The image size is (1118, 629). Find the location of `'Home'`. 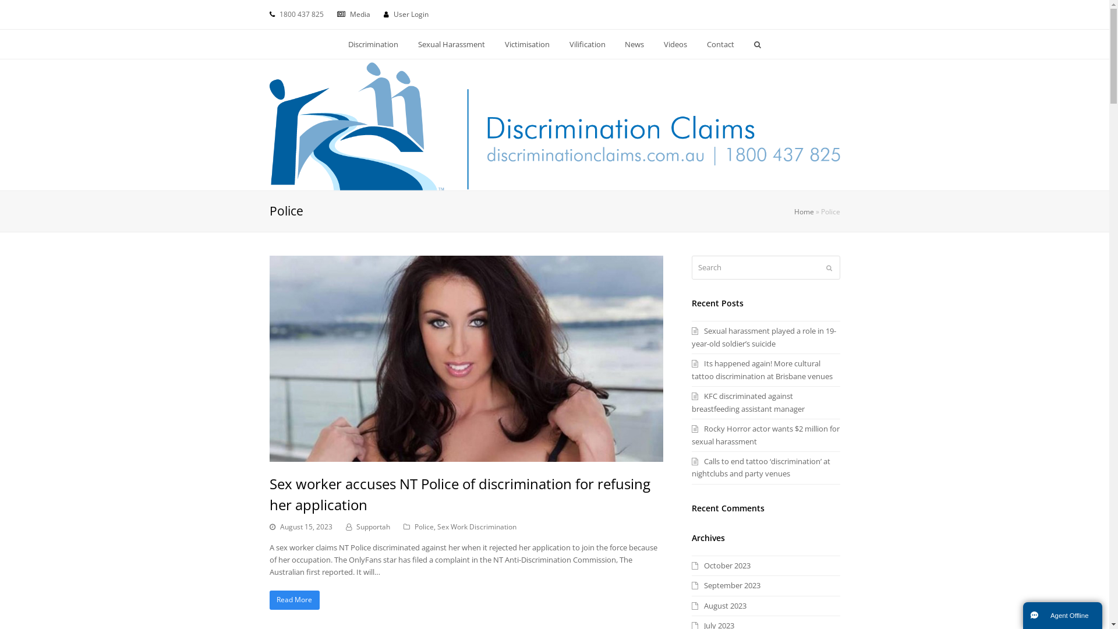

'Home' is located at coordinates (804, 211).